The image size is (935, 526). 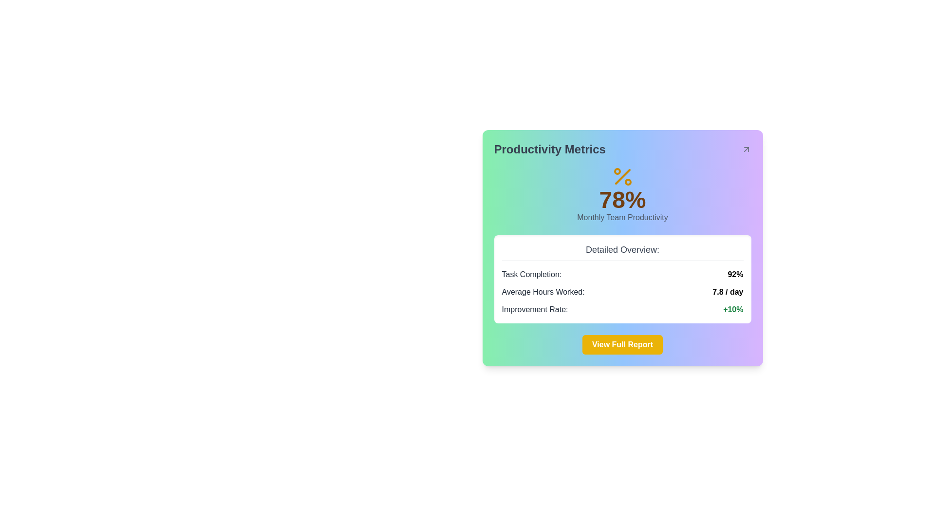 I want to click on the text label displaying 'Average Hours Worked:' which is styled in bold gray font and positioned towards the middle of the overview panel, so click(x=542, y=292).